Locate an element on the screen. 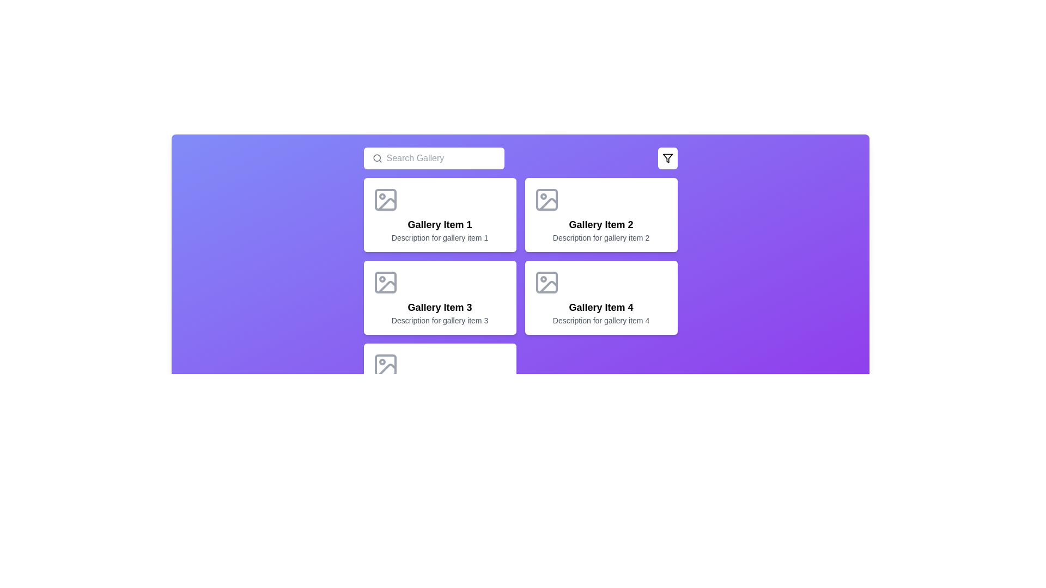  the white, square-shaped button with a black filter funnel icon is located at coordinates (667, 158).